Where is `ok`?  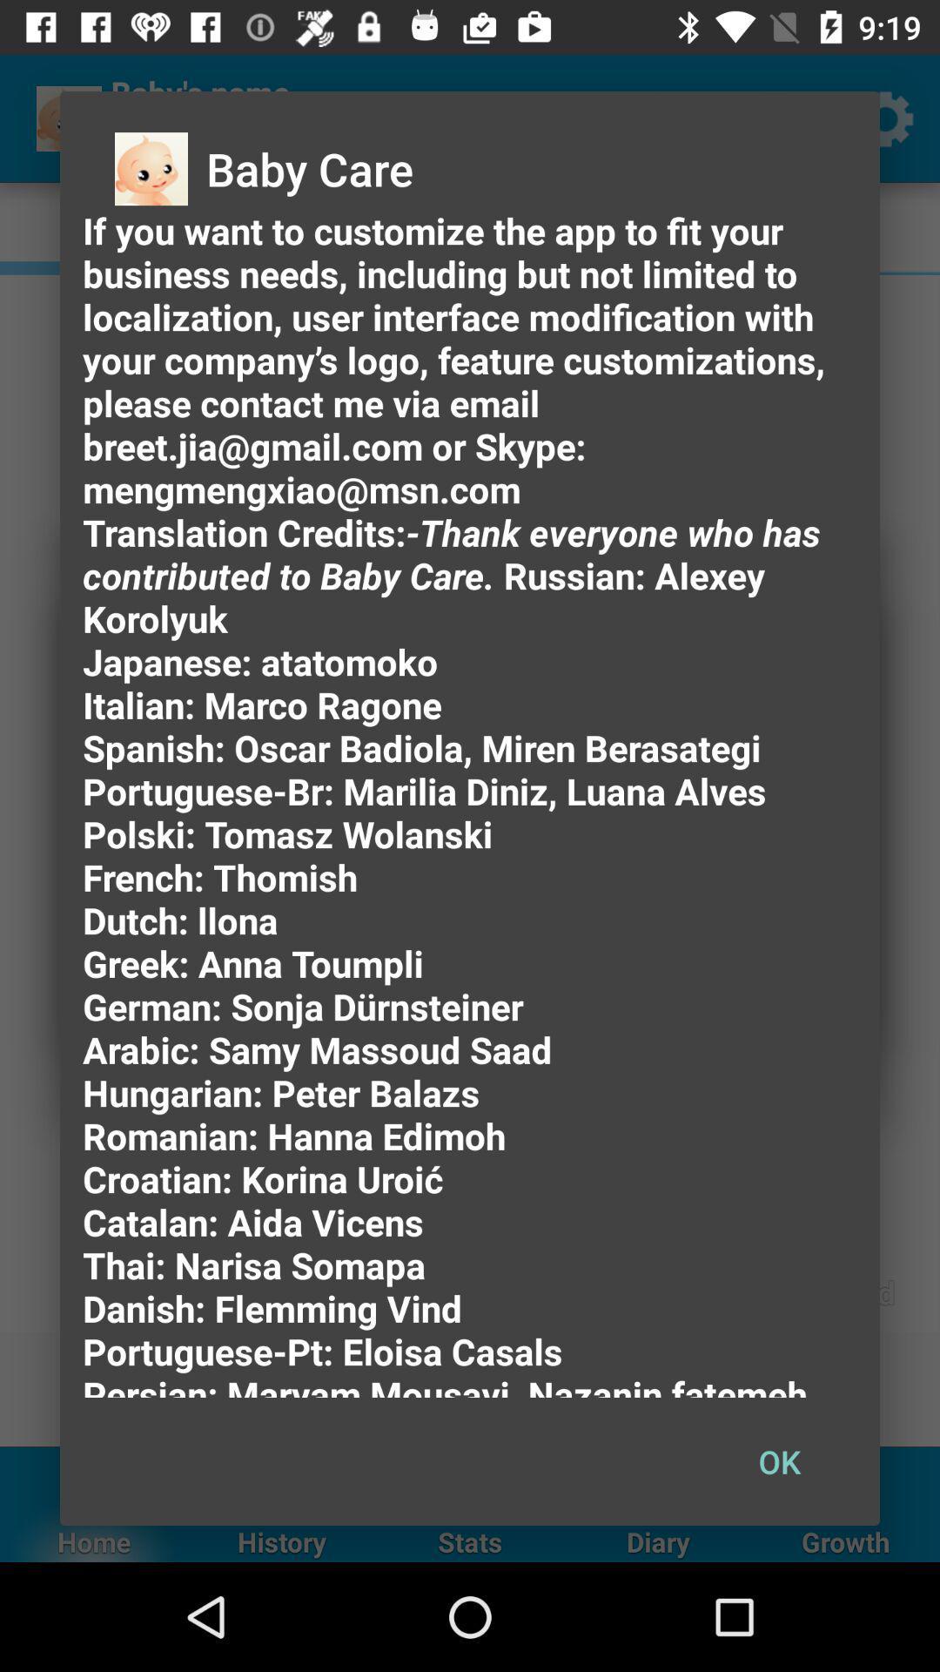 ok is located at coordinates (778, 1461).